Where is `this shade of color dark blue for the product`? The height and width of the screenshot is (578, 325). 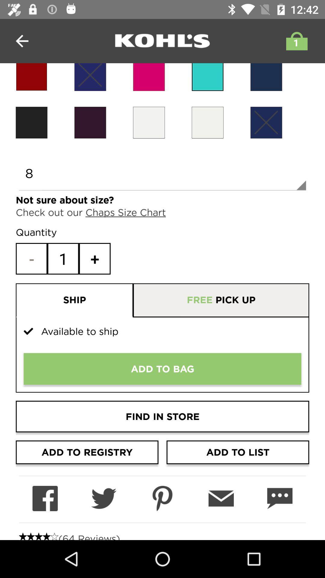 this shade of color dark blue for the product is located at coordinates (266, 77).